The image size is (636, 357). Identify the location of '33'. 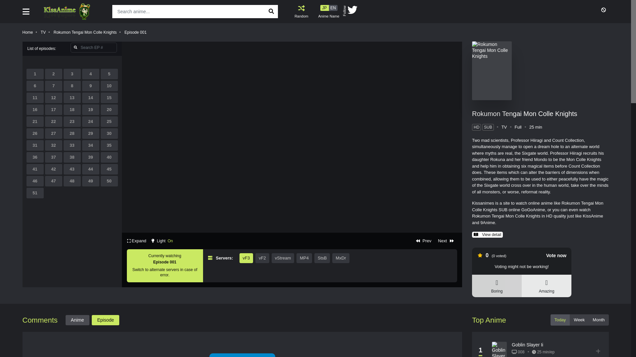
(64, 145).